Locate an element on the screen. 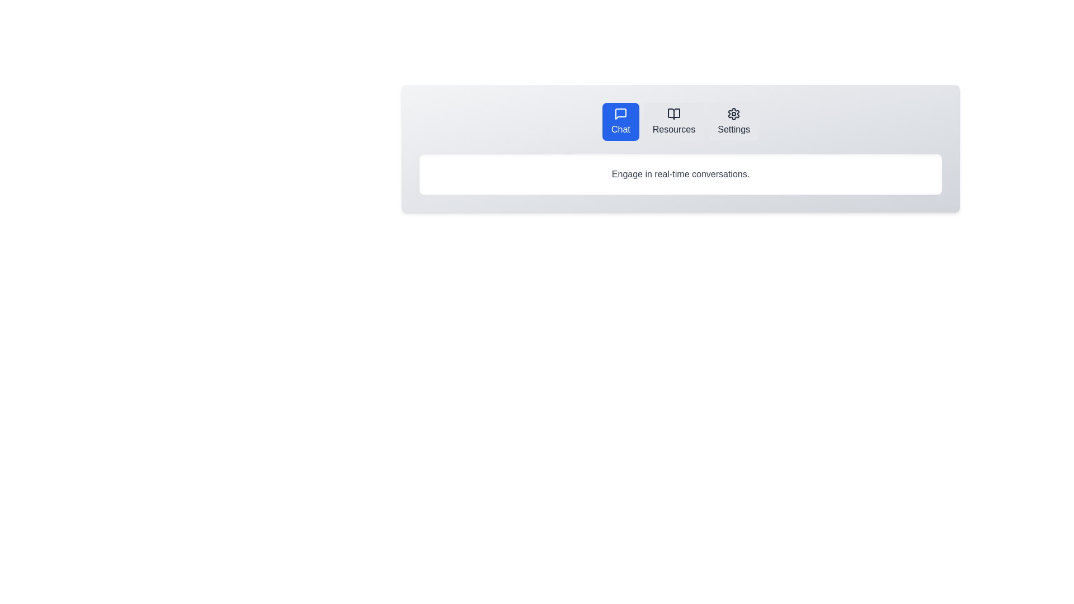  the 'Settings' button, which is the third button in a row of three options labeled 'Chat', 'Resources', and 'Settings', to observe the visual feedback is located at coordinates (734, 122).